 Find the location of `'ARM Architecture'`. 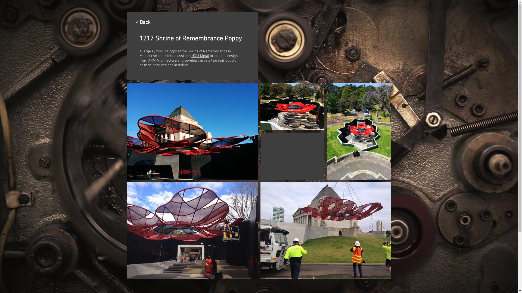

'ARM Architecture' is located at coordinates (162, 60).